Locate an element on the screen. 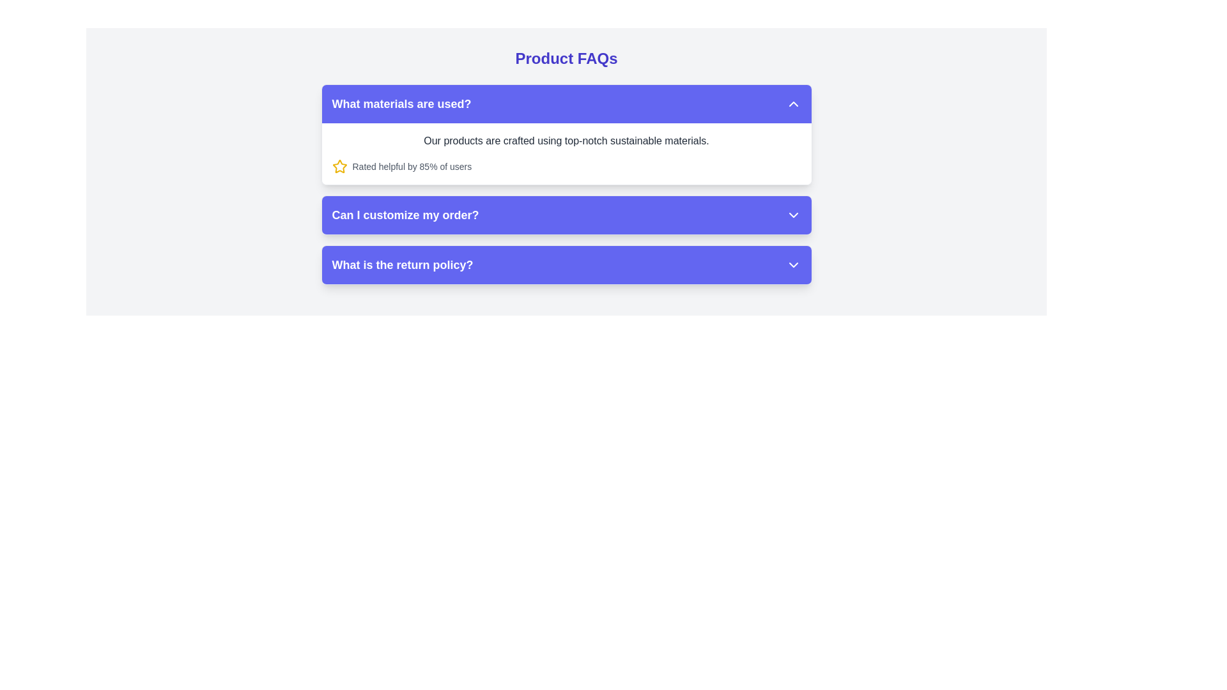 This screenshot has width=1227, height=690. text label displaying 'What materials are used?' which is a bold, medium-sized white font on a blue background, located near the top-left area of the FAQ section is located at coordinates (401, 103).